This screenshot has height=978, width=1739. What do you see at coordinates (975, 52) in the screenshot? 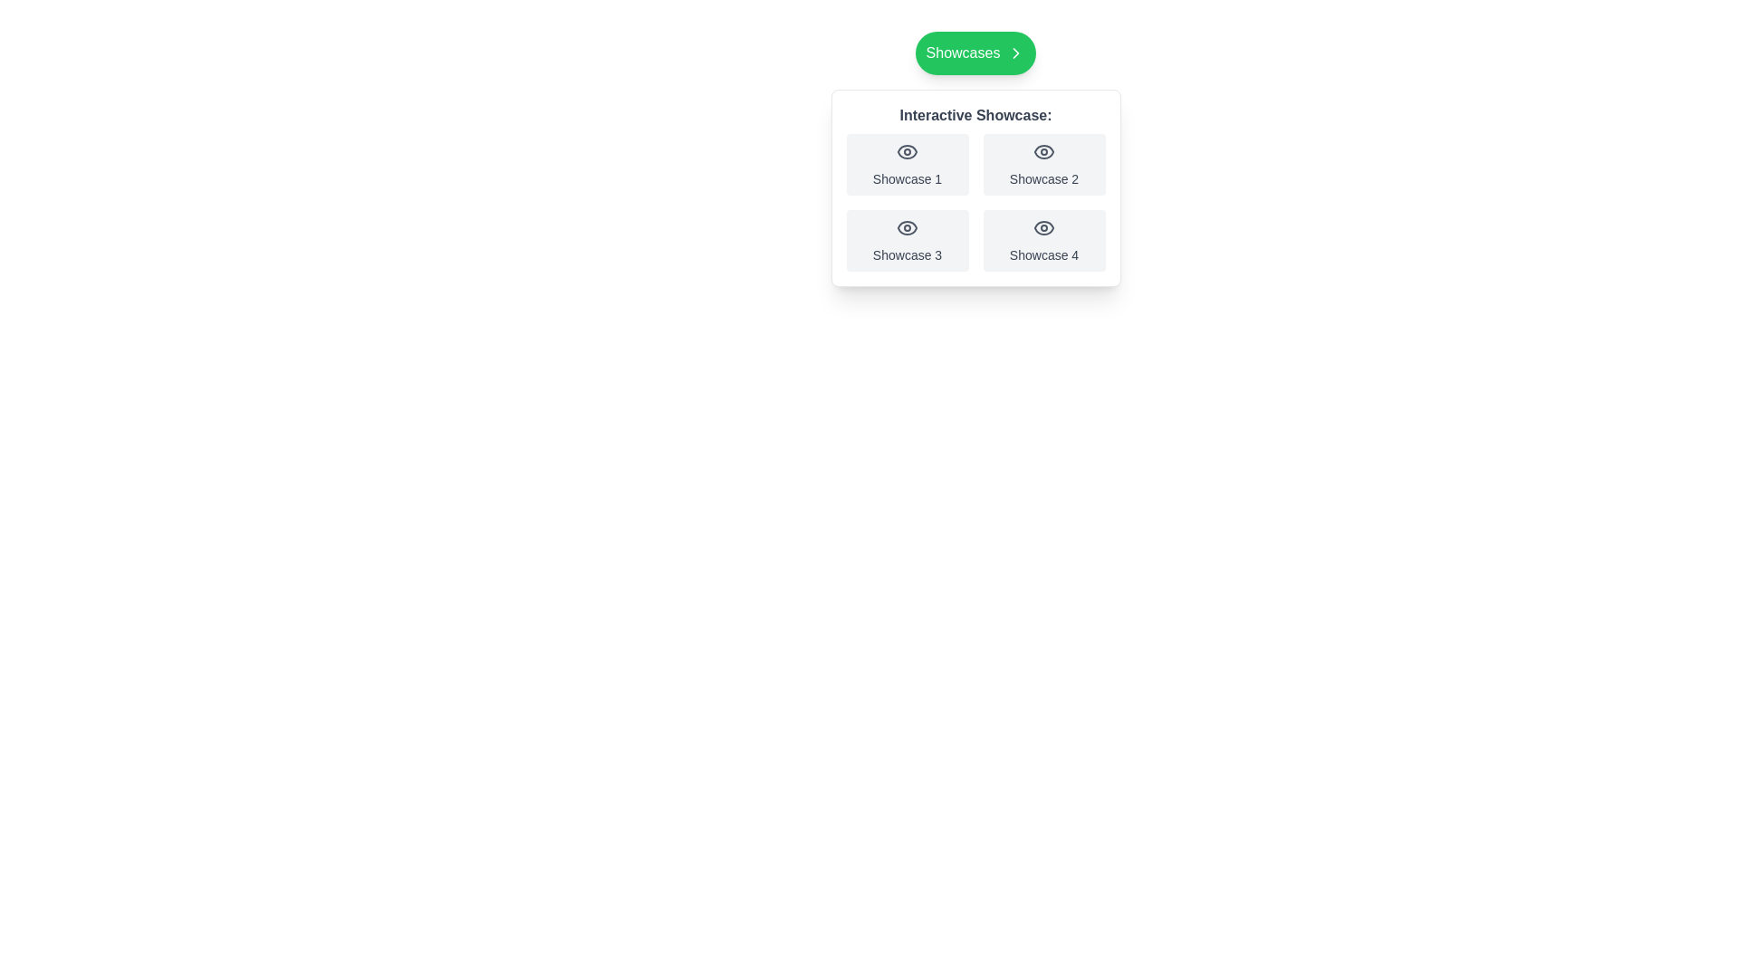
I see `the green button labeled 'Showcases' with a right arrow icon` at bounding box center [975, 52].